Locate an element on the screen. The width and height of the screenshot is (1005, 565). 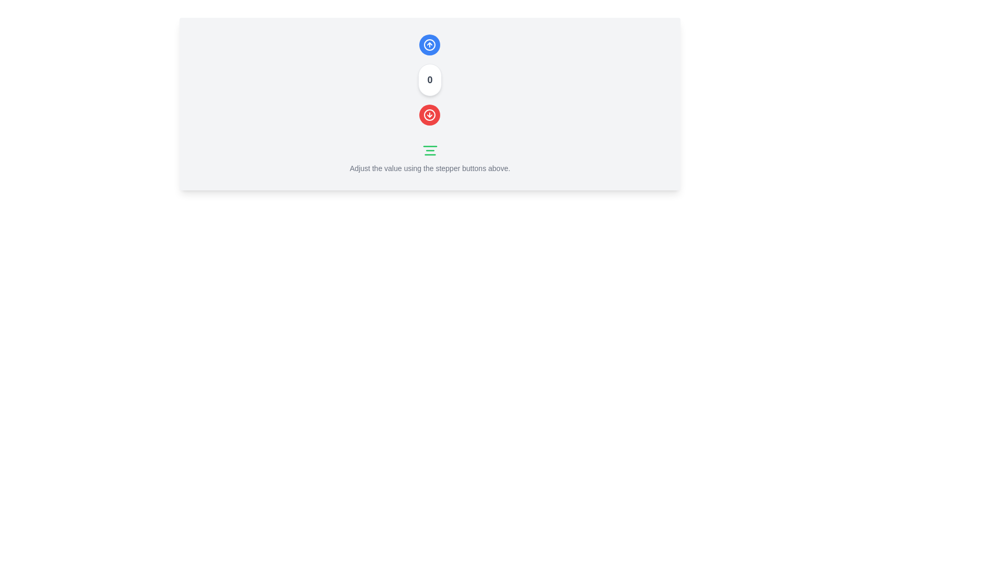
the icon element that resembles three horizontal lines, visually styled in green, positioned below the red circular button with a downward-facing arrow is located at coordinates (430, 151).